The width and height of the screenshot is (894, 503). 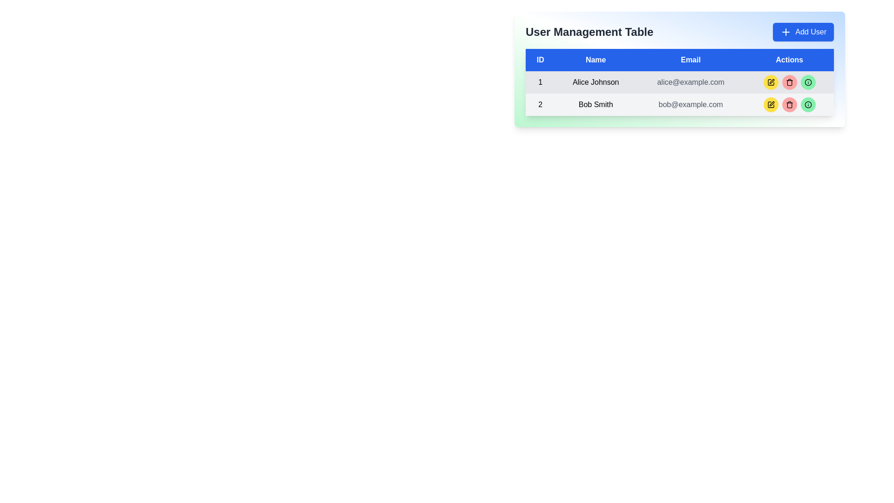 I want to click on the graphical illustration segment of the trash bin icon associated with the user 'Bob Smith' in the Actions column, so click(x=789, y=105).